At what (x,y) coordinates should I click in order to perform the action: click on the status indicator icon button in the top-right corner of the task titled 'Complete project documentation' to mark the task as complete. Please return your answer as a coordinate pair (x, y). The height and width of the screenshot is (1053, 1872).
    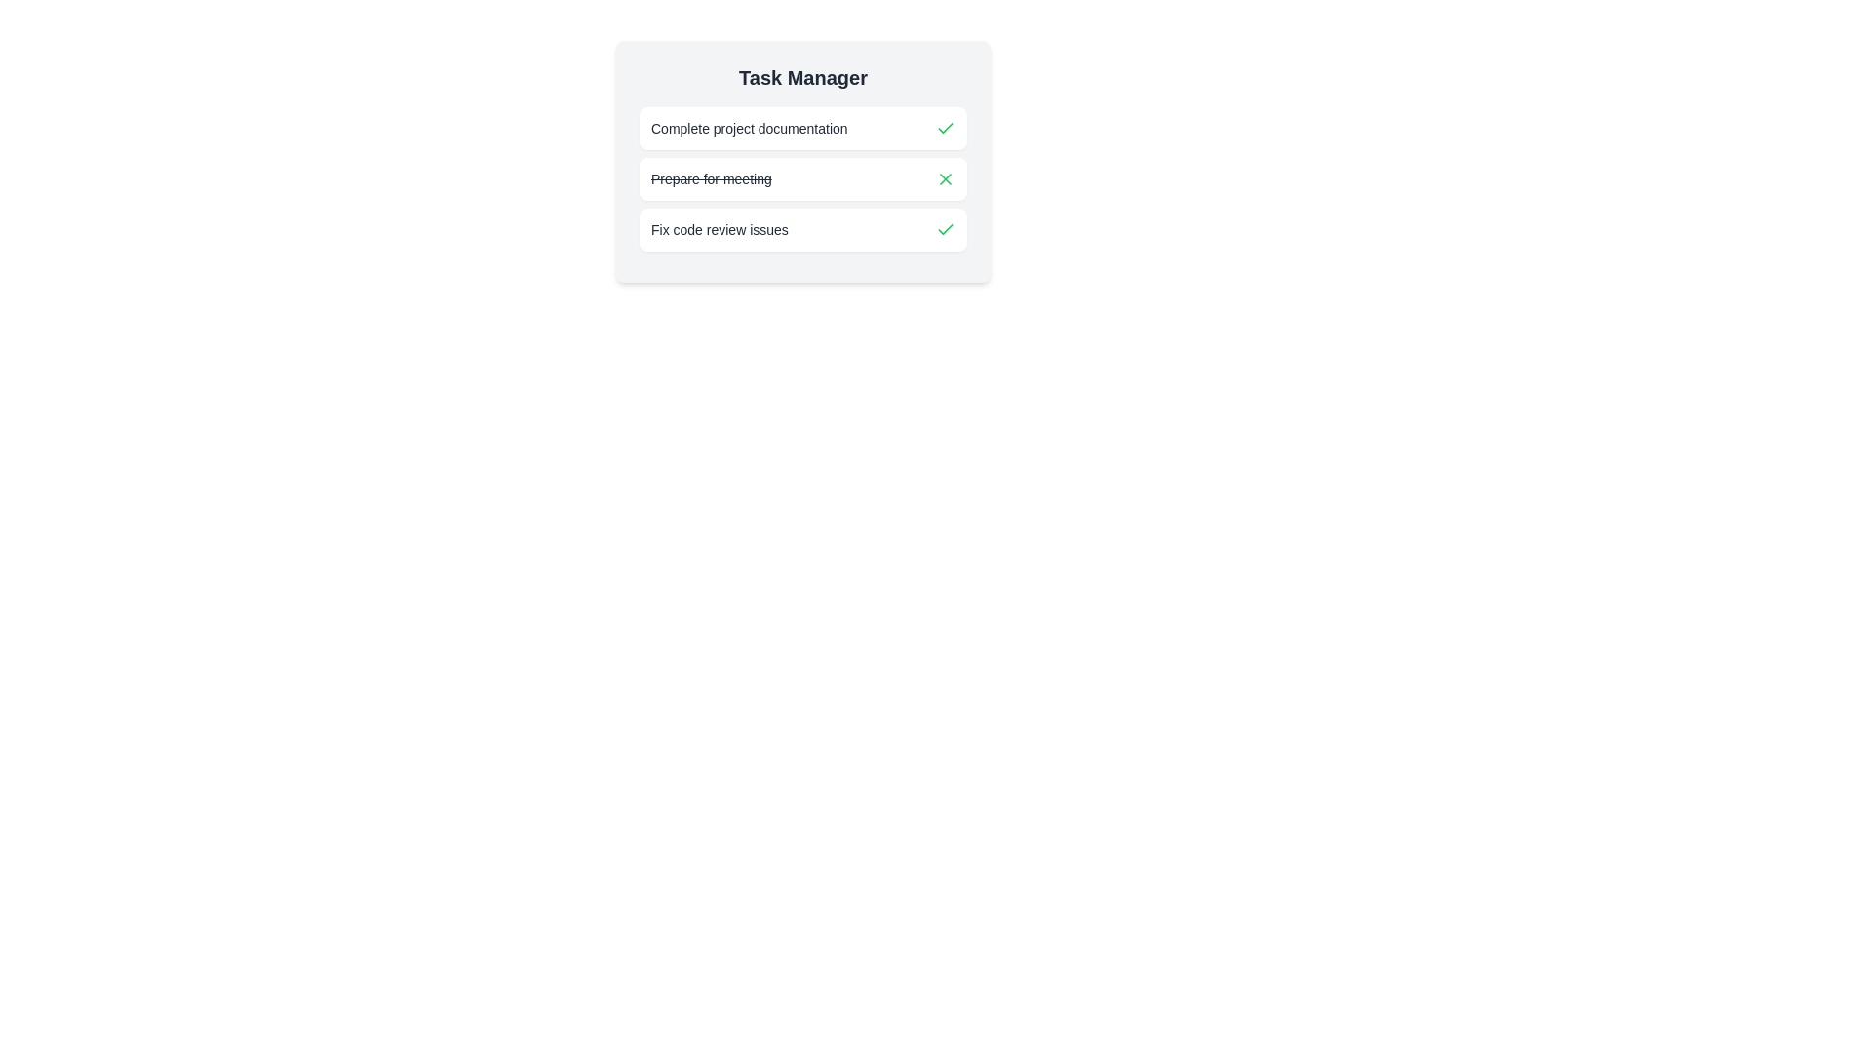
    Looking at the image, I should click on (945, 128).